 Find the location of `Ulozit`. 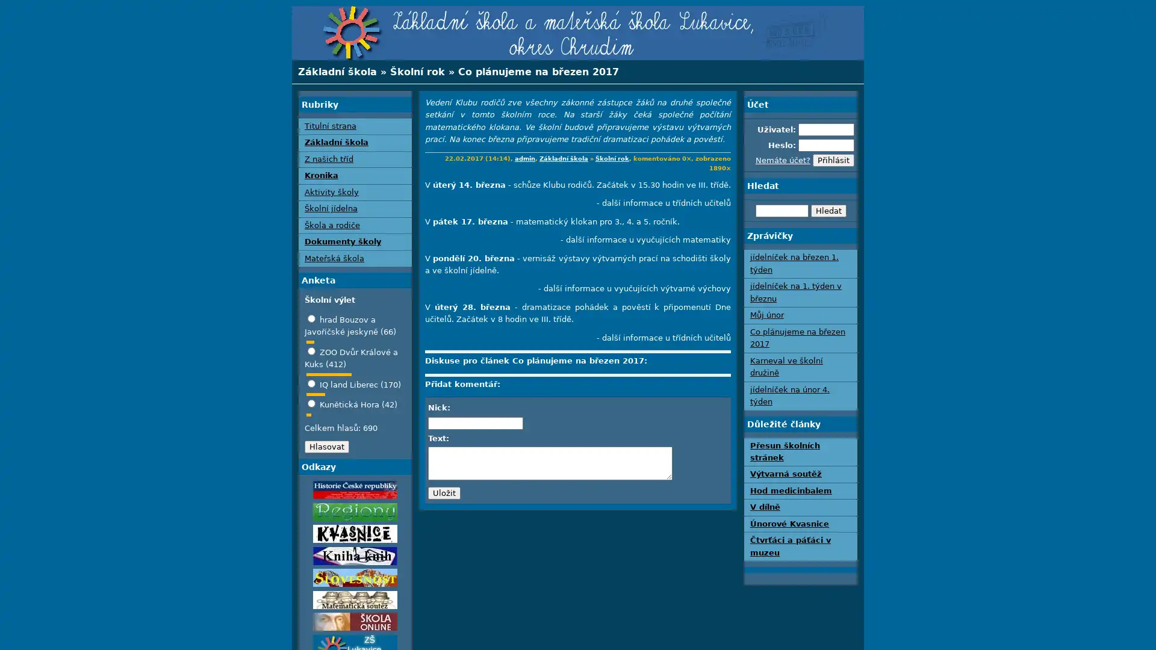

Ulozit is located at coordinates (444, 492).